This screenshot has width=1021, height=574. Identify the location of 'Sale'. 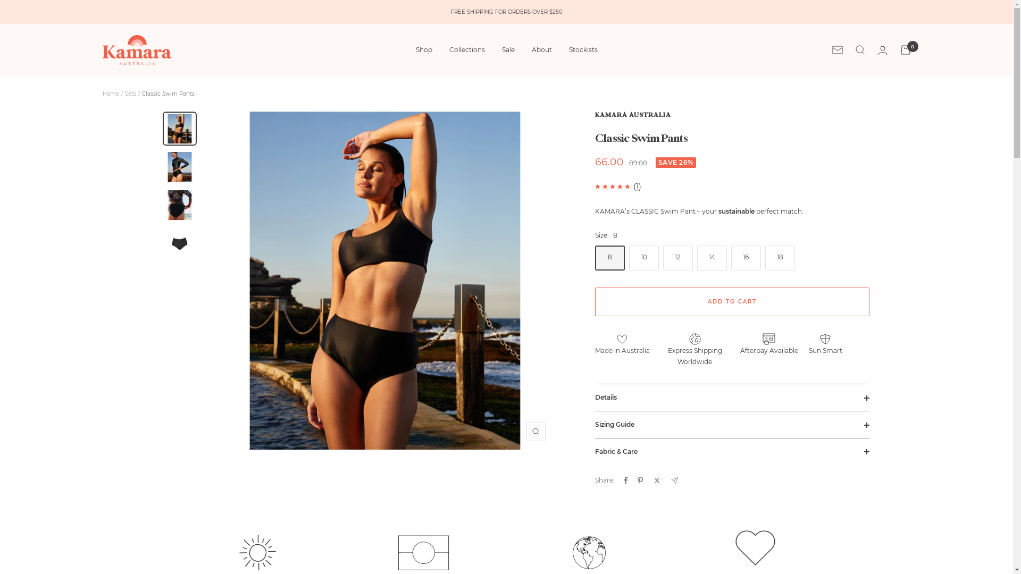
(507, 50).